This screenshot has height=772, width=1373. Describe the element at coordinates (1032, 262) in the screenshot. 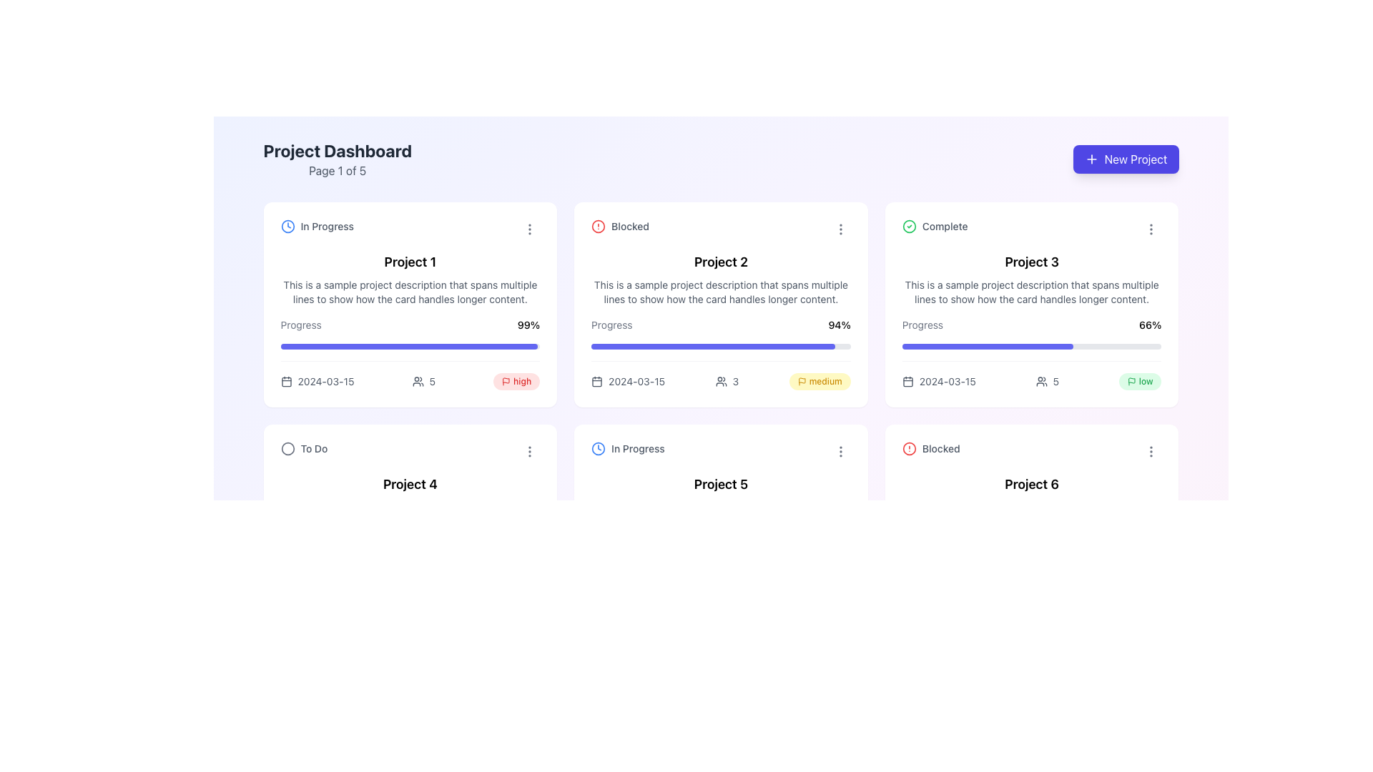

I see `the text label displaying 'Project 3' in bold within the card in the 'Complete' section` at that location.